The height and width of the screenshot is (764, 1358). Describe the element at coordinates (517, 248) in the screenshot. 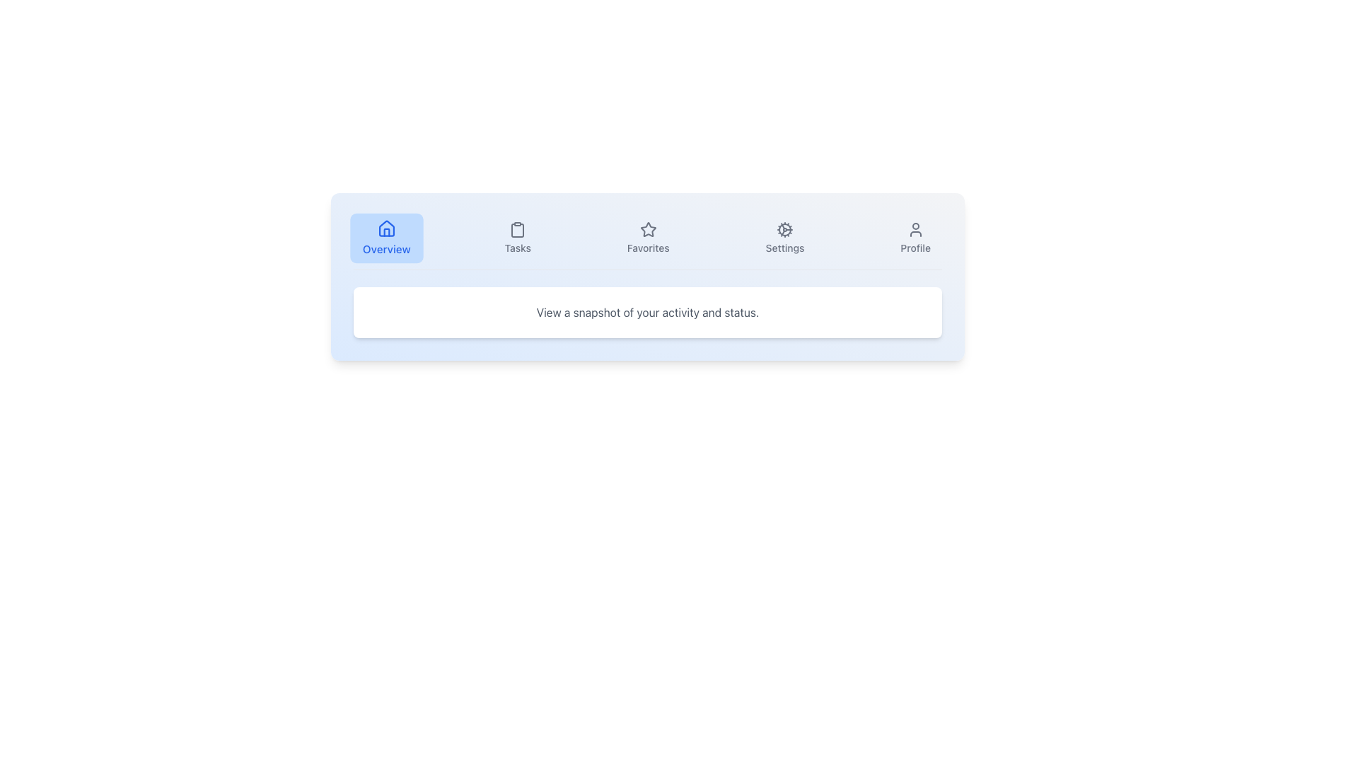

I see `the 'Tasks' text label, which is styled with a modern sans-serif font and positioned below a clipboard icon in the navigation bar` at that location.